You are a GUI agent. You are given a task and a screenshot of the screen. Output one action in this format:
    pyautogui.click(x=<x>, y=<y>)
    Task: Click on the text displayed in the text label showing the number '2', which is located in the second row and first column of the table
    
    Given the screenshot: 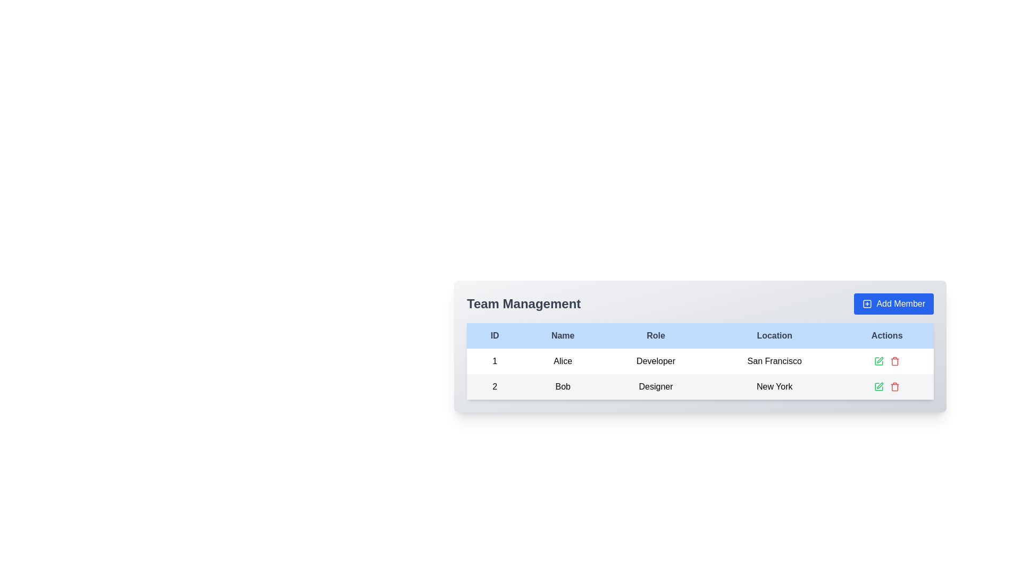 What is the action you would take?
    pyautogui.click(x=494, y=387)
    